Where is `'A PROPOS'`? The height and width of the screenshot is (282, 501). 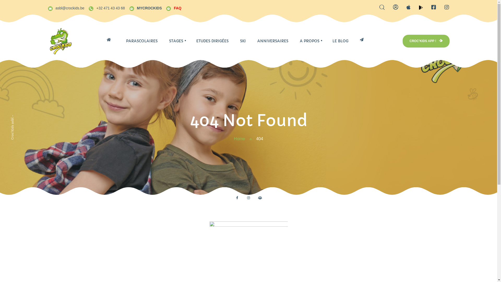
'A PROPOS' is located at coordinates (294, 41).